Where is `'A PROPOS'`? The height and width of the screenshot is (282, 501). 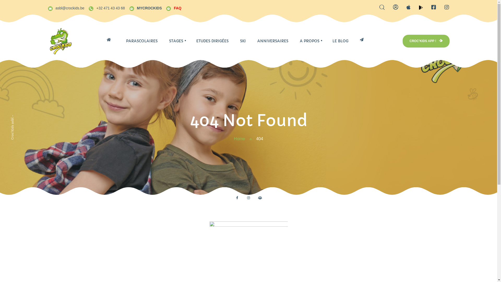
'A PROPOS' is located at coordinates (294, 41).